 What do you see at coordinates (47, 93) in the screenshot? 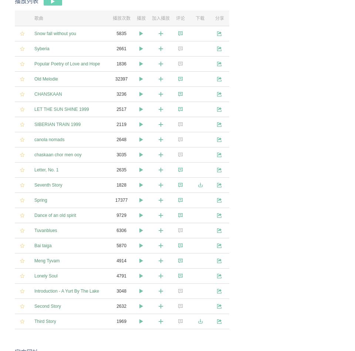
I see `'CHANSKAAN'` at bounding box center [47, 93].